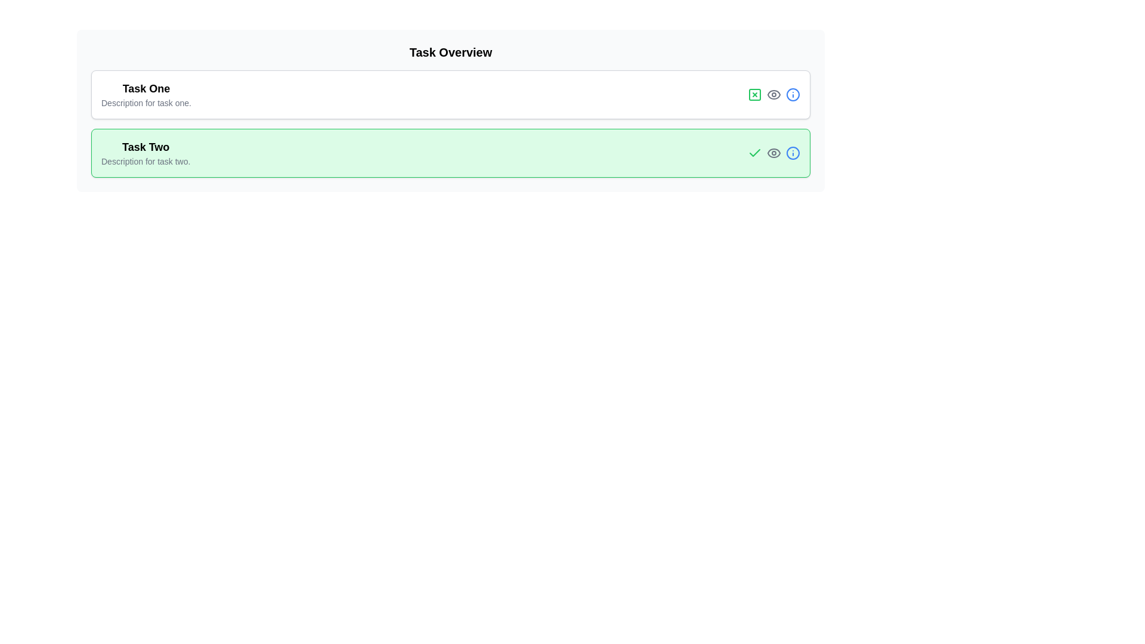  What do you see at coordinates (754, 153) in the screenshot?
I see `the green checkmark icon displayed in SVG format with a light green background` at bounding box center [754, 153].